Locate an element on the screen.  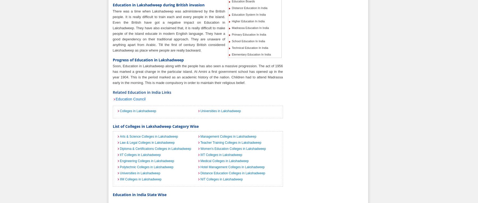
'Technical Education In India' is located at coordinates (231, 48).